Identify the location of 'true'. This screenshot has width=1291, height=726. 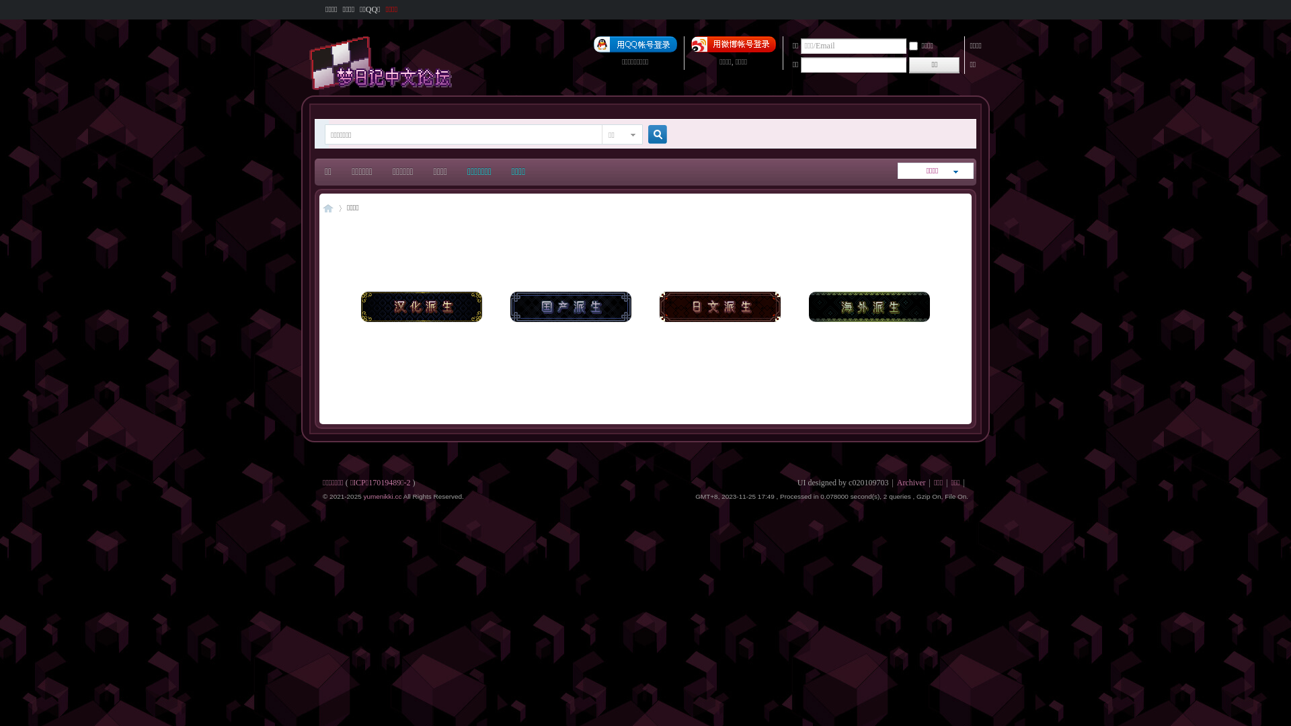
(652, 134).